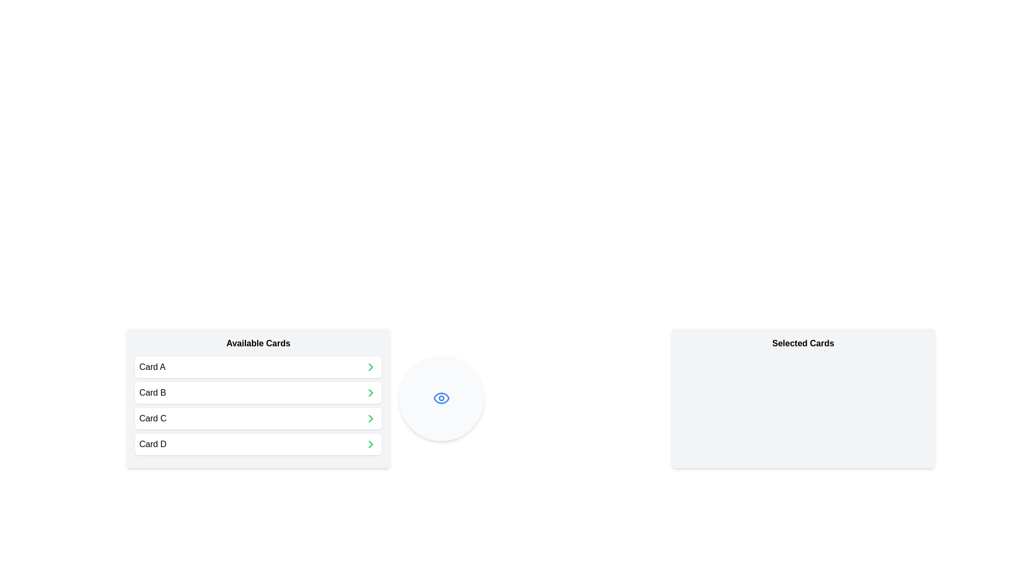 The image size is (1029, 579). What do you see at coordinates (371, 367) in the screenshot?
I see `the chevron icon next to the card labeled Card A in the 'Available Cards' list to move it to the 'Selected Cards' list` at bounding box center [371, 367].